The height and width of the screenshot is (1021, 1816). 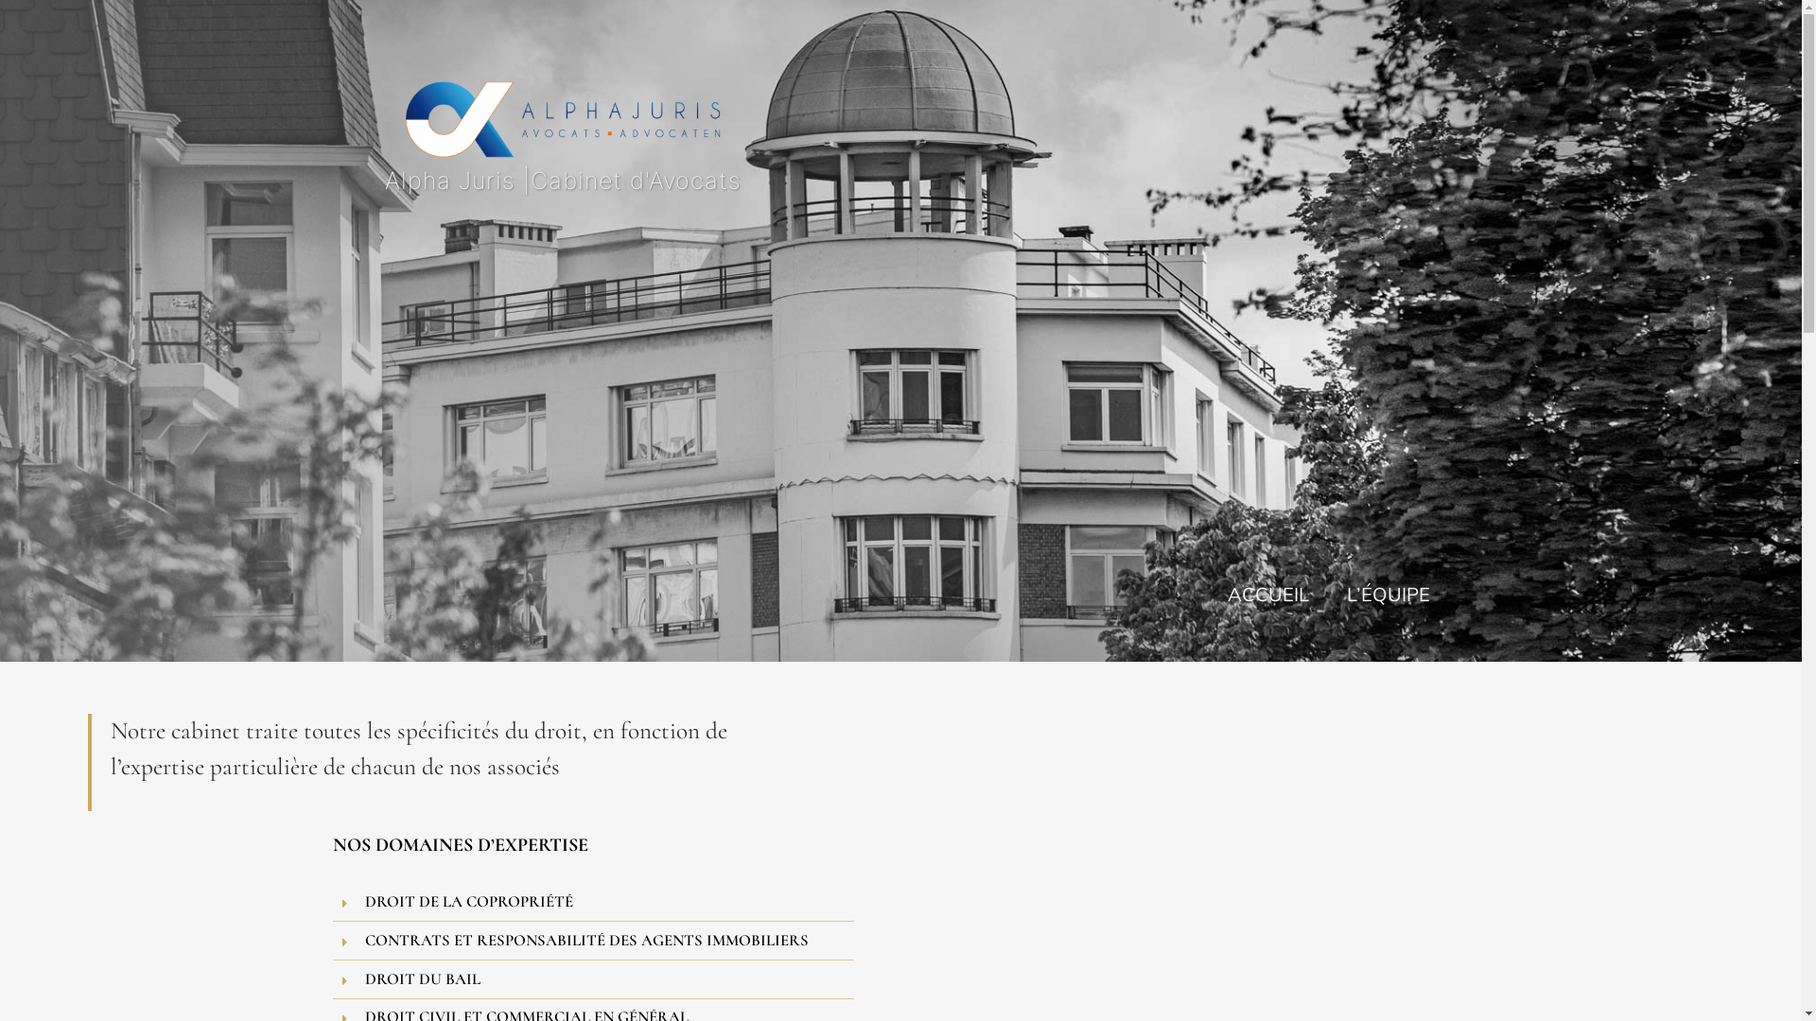 I want to click on 'ACCUEIL', so click(x=1267, y=591).